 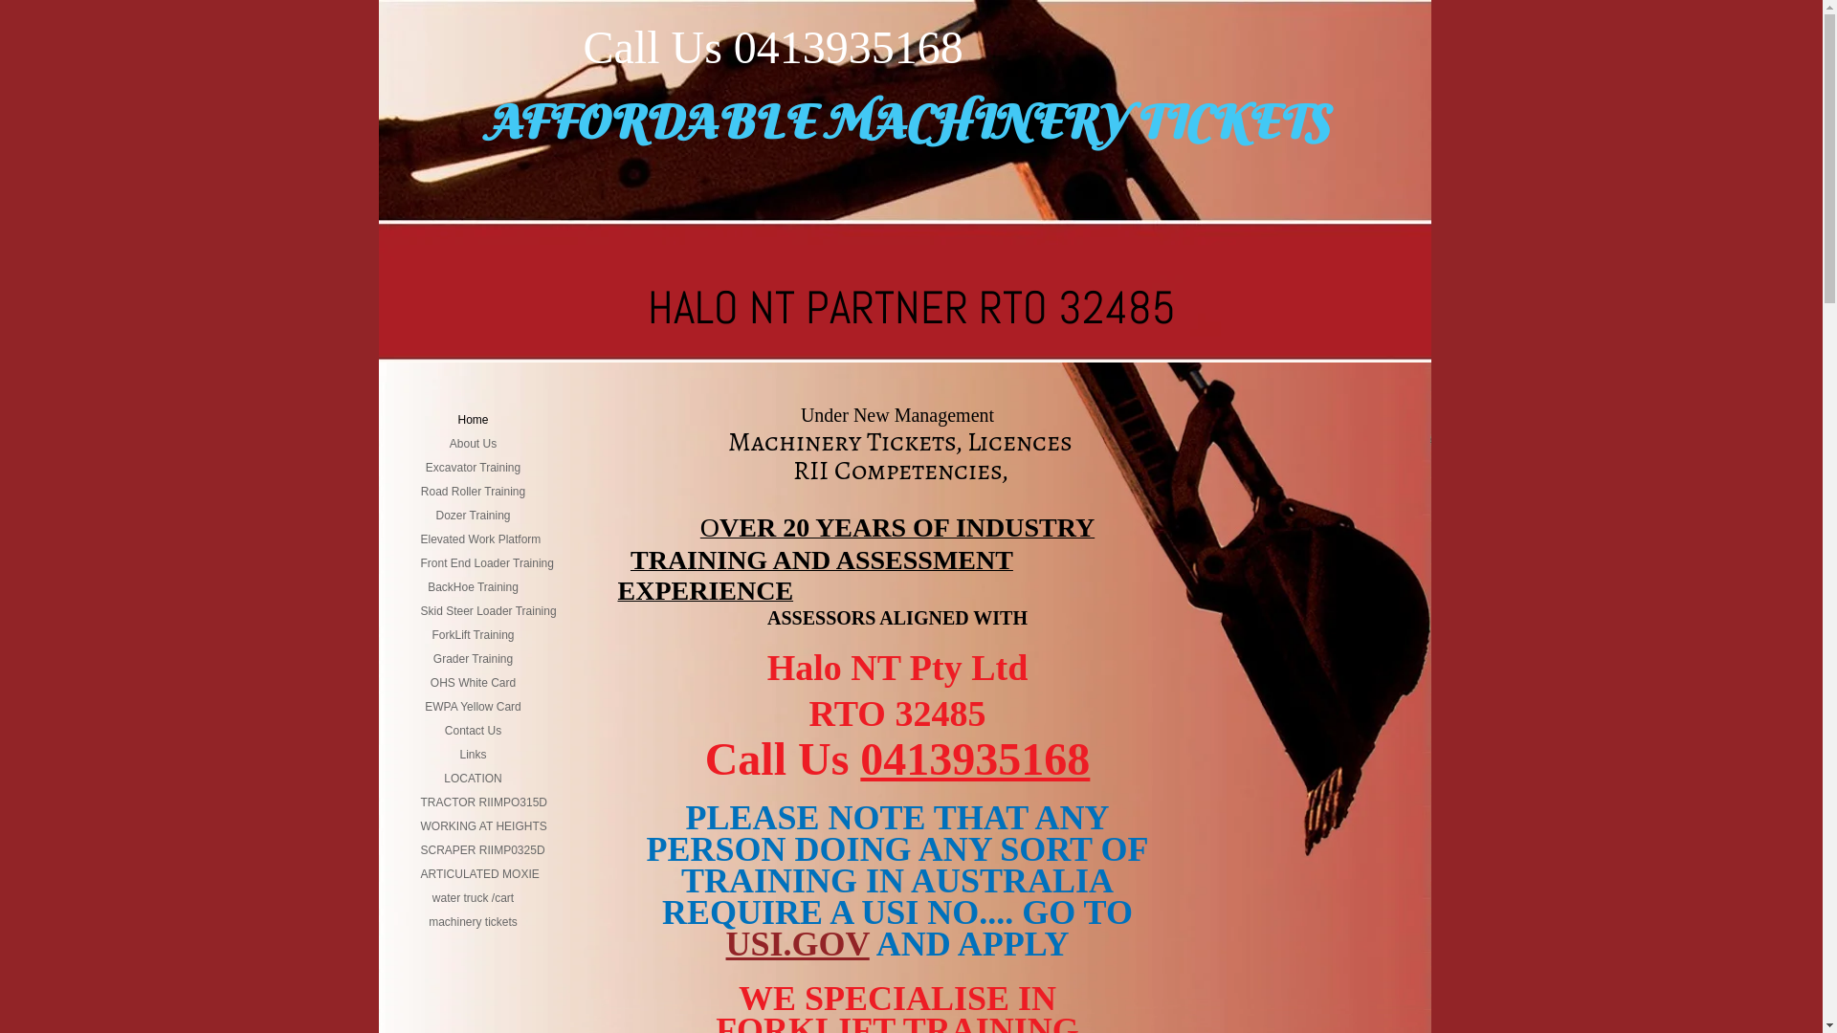 What do you see at coordinates (473, 897) in the screenshot?
I see `'water truck /cart'` at bounding box center [473, 897].